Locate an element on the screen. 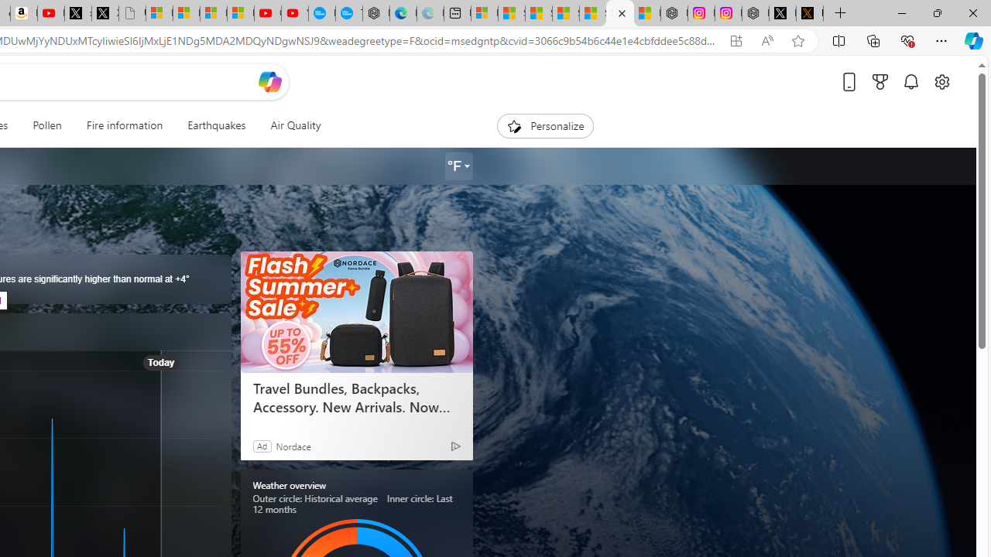 Image resolution: width=991 pixels, height=557 pixels. 'Earthquakes' is located at coordinates (215, 125).